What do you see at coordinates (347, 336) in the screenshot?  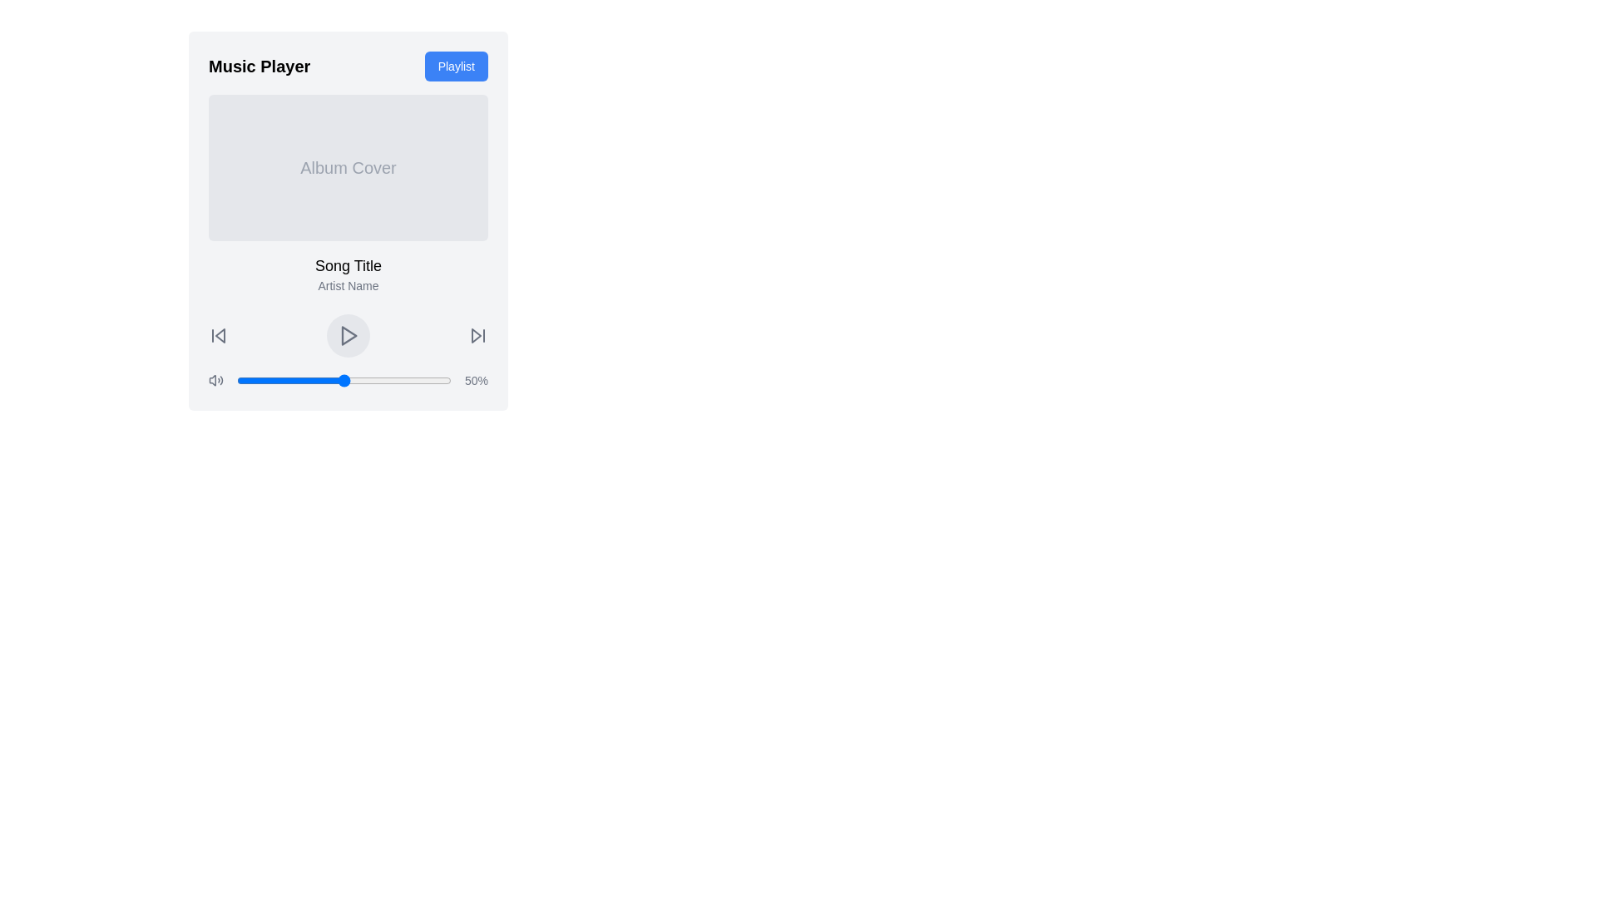 I see `the centrally located play button in the media control section of the music player interface` at bounding box center [347, 336].